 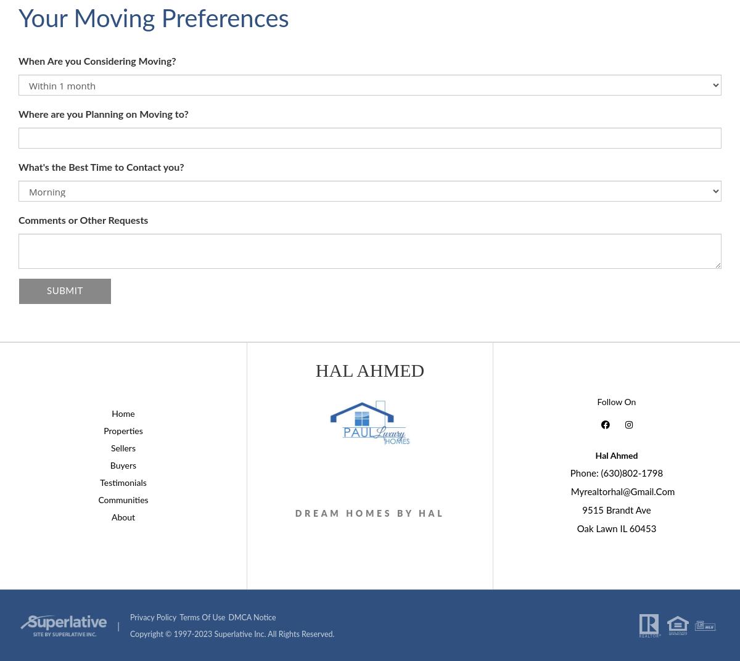 What do you see at coordinates (202, 617) in the screenshot?
I see `'Terms of Use'` at bounding box center [202, 617].